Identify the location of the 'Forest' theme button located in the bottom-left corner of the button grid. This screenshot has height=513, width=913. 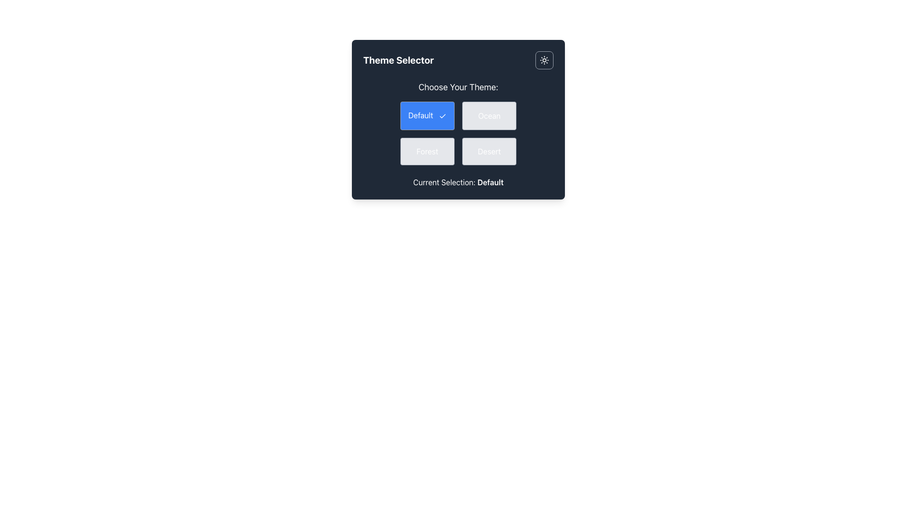
(427, 151).